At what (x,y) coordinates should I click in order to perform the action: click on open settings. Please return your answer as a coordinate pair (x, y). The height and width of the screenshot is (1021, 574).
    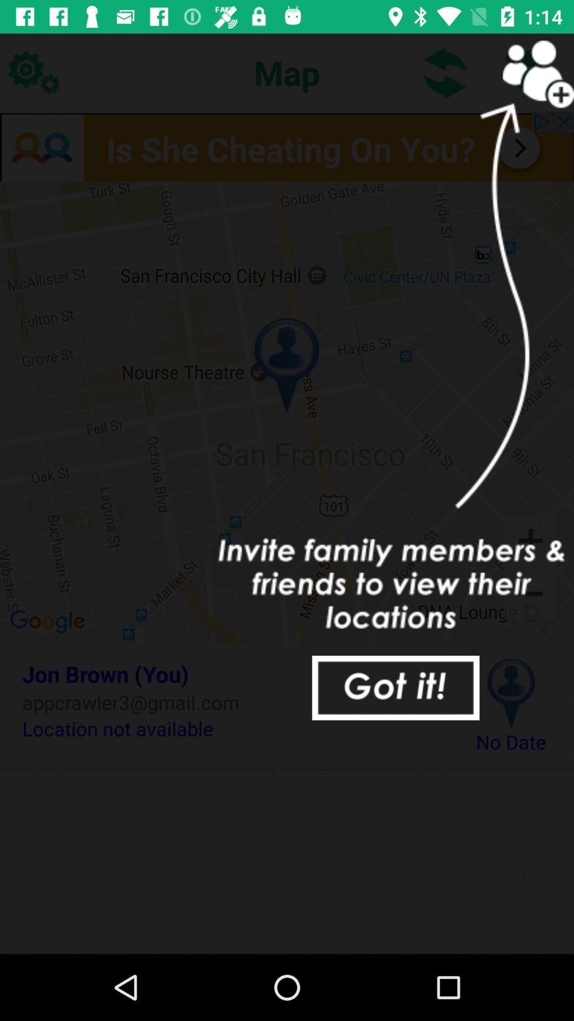
    Looking at the image, I should click on (32, 72).